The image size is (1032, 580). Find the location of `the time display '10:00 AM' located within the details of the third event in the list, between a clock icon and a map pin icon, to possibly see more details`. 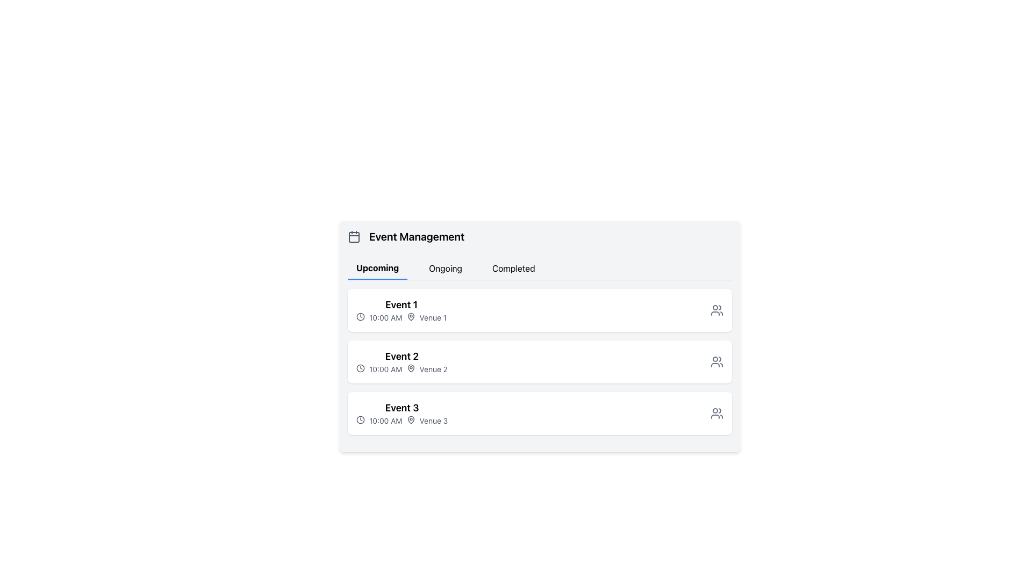

the time display '10:00 AM' located within the details of the third event in the list, between a clock icon and a map pin icon, to possibly see more details is located at coordinates (385, 420).